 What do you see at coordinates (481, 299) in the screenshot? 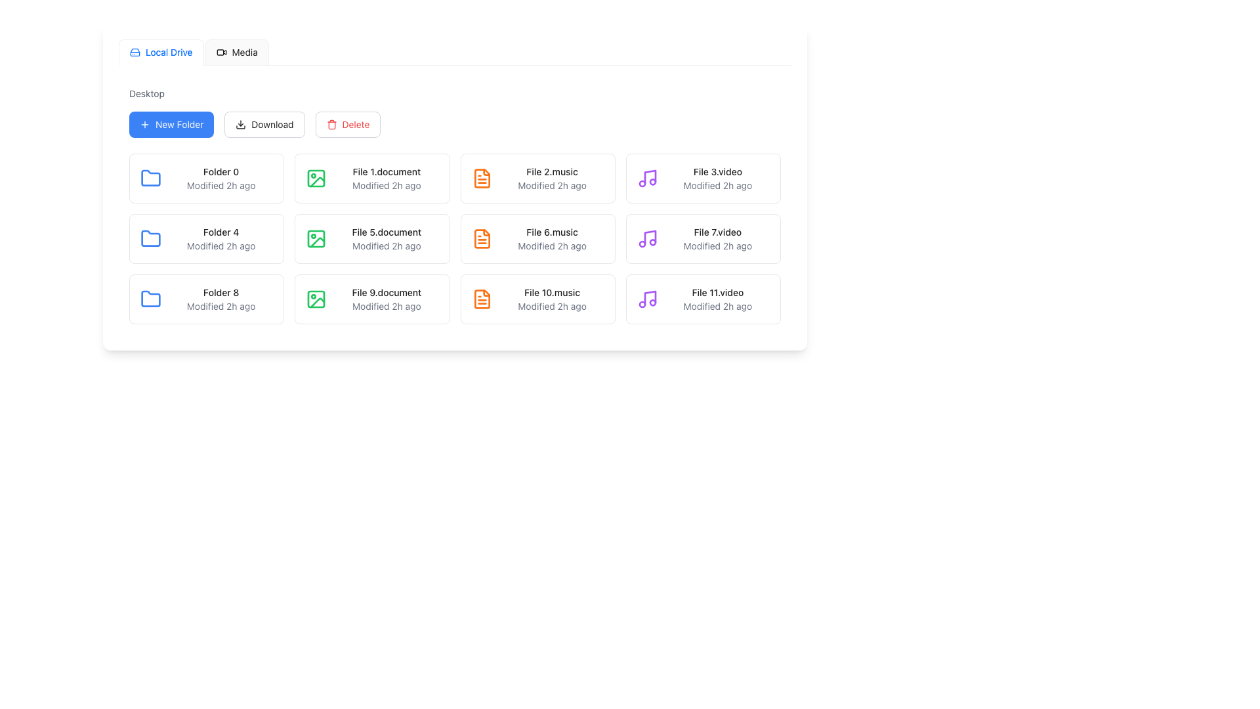
I see `the music file icon located in the last column of the third row of the grid layout, adjacent to the text 'File 10.music' and 'Modified 2h ago'` at bounding box center [481, 299].